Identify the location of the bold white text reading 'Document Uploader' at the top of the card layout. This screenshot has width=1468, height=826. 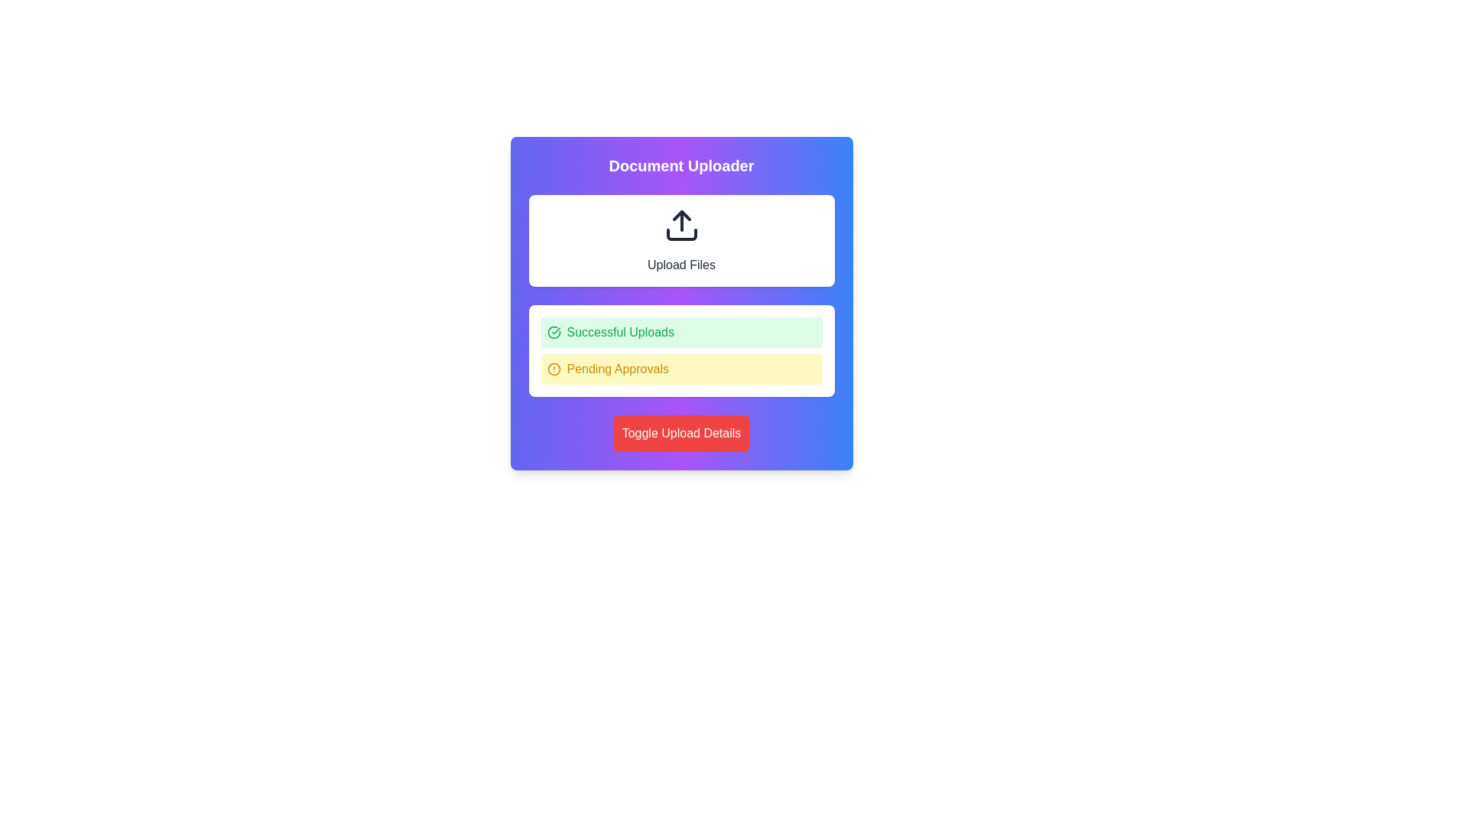
(680, 165).